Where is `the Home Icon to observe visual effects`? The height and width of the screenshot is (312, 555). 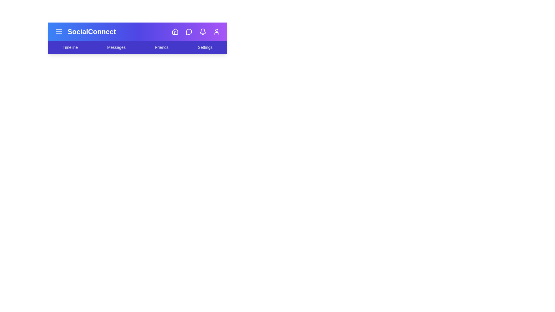
the Home Icon to observe visual effects is located at coordinates (175, 32).